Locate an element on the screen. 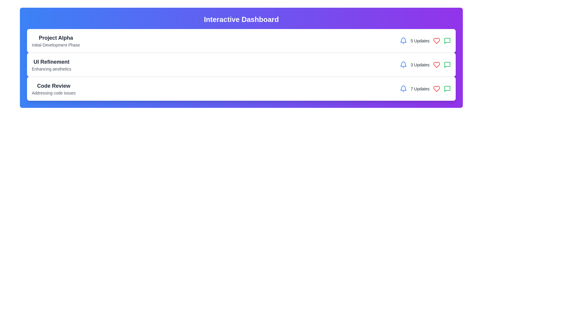 This screenshot has width=570, height=320. the main title text element at the topmost row of the dashboard, which indicates the overall purpose or theme of the section is located at coordinates (241, 19).